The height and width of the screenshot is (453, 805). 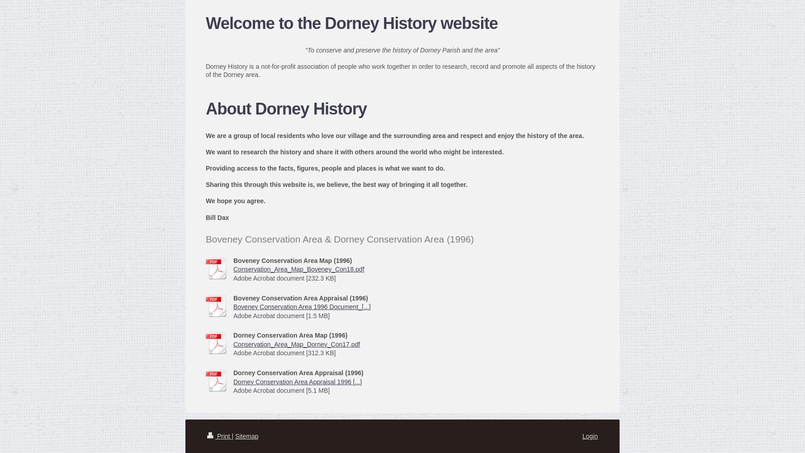 What do you see at coordinates (246, 435) in the screenshot?
I see `'Sitemap'` at bounding box center [246, 435].